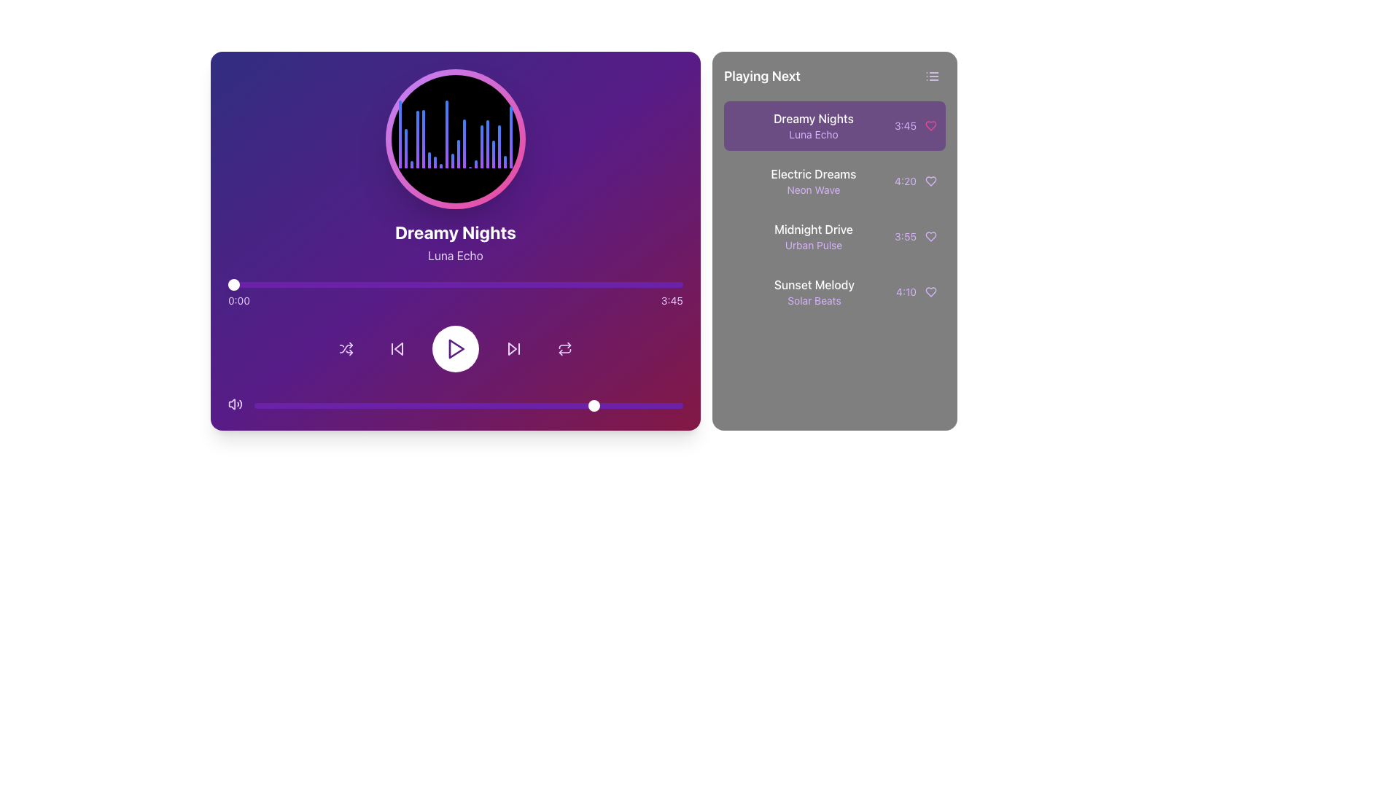  I want to click on the interactive icon next, so click(915, 181).